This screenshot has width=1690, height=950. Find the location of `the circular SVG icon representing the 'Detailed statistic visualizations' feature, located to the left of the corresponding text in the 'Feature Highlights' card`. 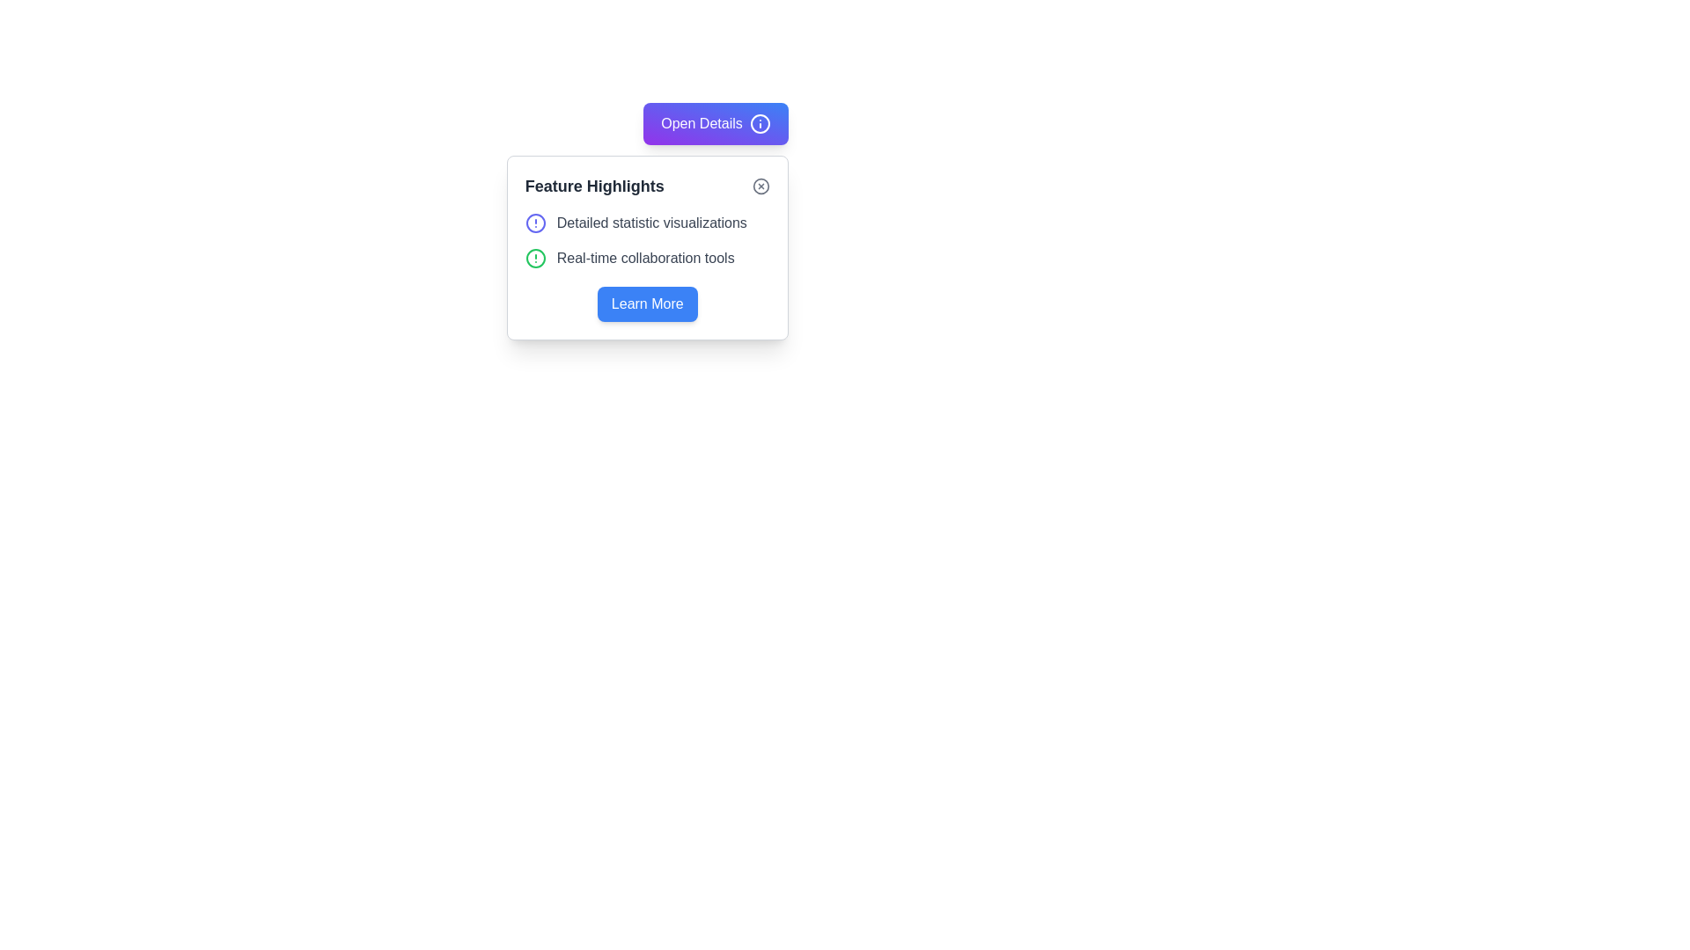

the circular SVG icon representing the 'Detailed statistic visualizations' feature, located to the left of the corresponding text in the 'Feature Highlights' card is located at coordinates (534, 223).